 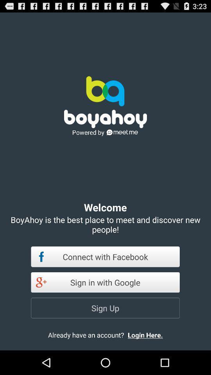 What do you see at coordinates (152, 334) in the screenshot?
I see `the login here.` at bounding box center [152, 334].